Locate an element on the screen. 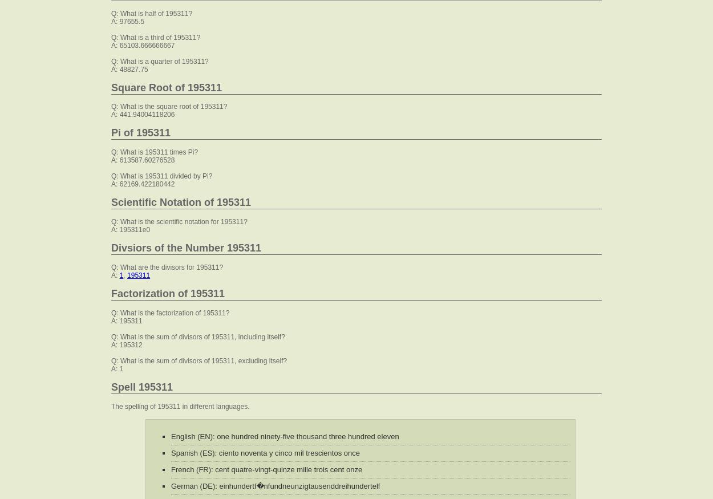 The width and height of the screenshot is (713, 499). 'Q: What is the scientific notation for 195311?' is located at coordinates (179, 221).